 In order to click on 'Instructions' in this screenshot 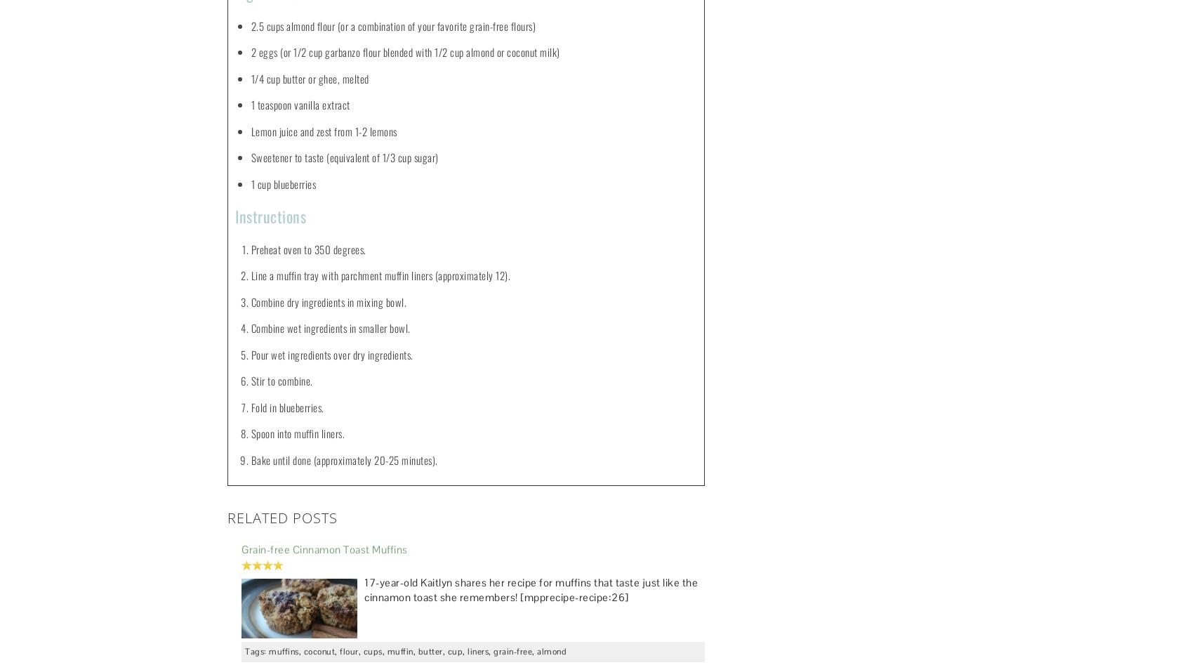, I will do `click(270, 216)`.